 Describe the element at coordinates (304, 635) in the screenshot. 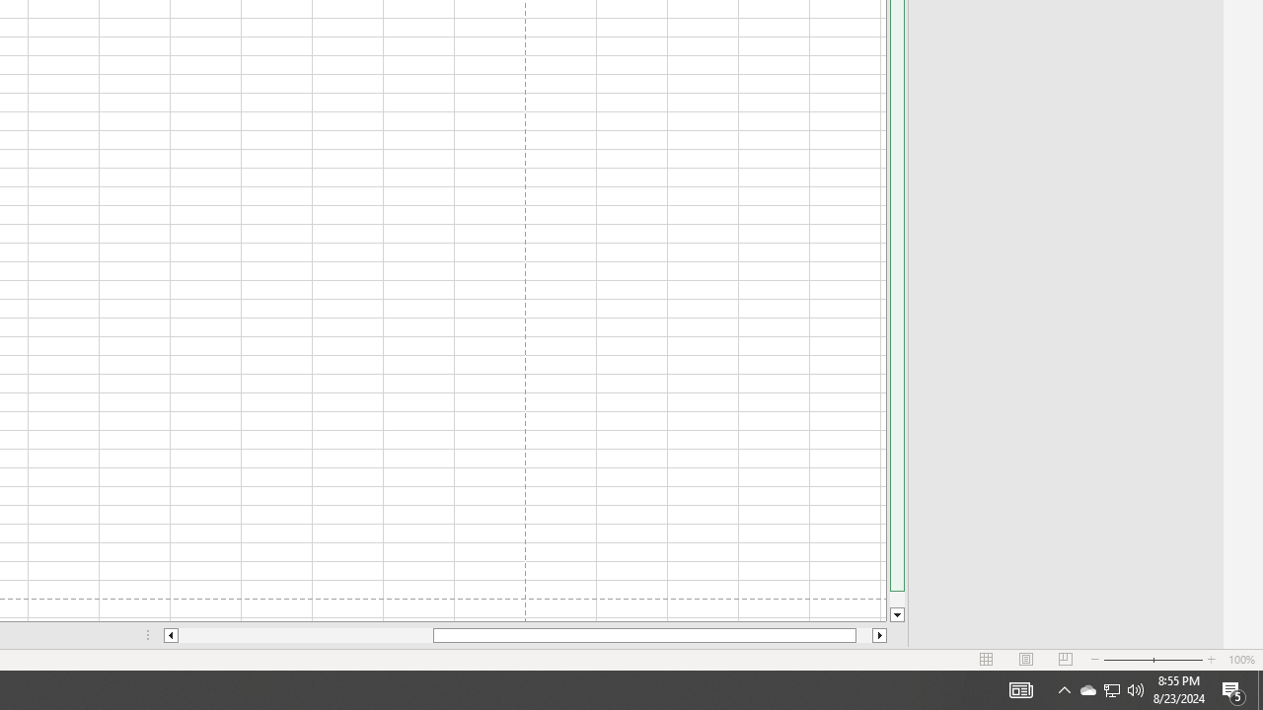

I see `'Page left'` at that location.